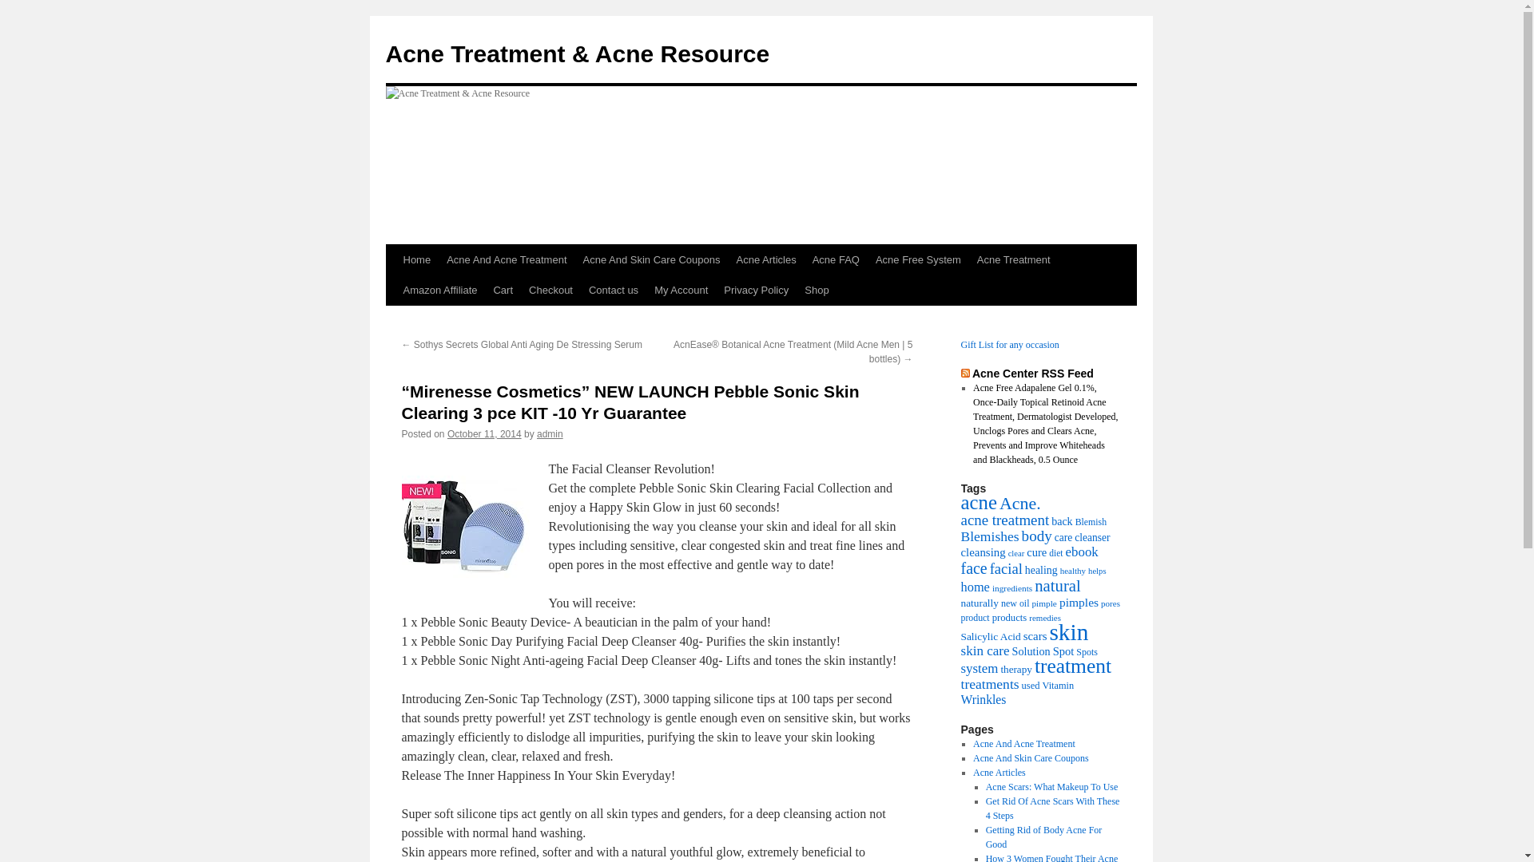 The height and width of the screenshot is (862, 1534). Describe the element at coordinates (972, 567) in the screenshot. I see `'face'` at that location.